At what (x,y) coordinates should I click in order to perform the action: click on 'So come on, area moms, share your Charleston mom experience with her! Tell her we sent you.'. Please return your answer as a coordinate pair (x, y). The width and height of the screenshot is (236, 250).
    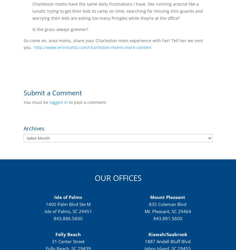
    Looking at the image, I should click on (113, 43).